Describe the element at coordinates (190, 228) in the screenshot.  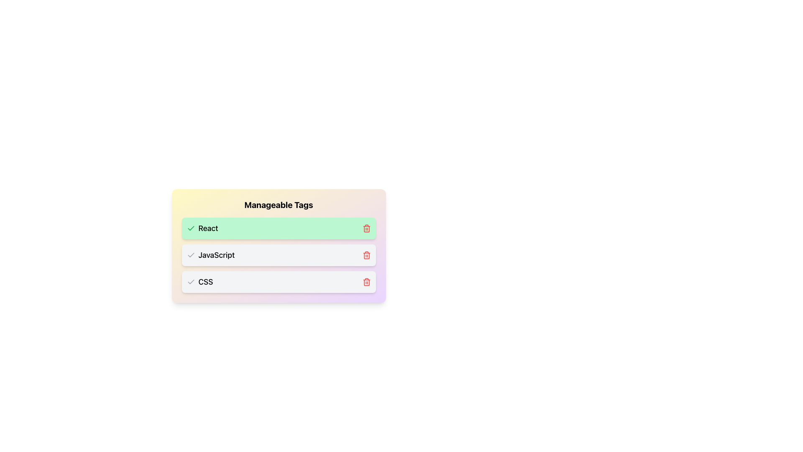
I see `the visual state of the checkmark icon with a green stroke located in the green-colored row labeled 'React'` at that location.